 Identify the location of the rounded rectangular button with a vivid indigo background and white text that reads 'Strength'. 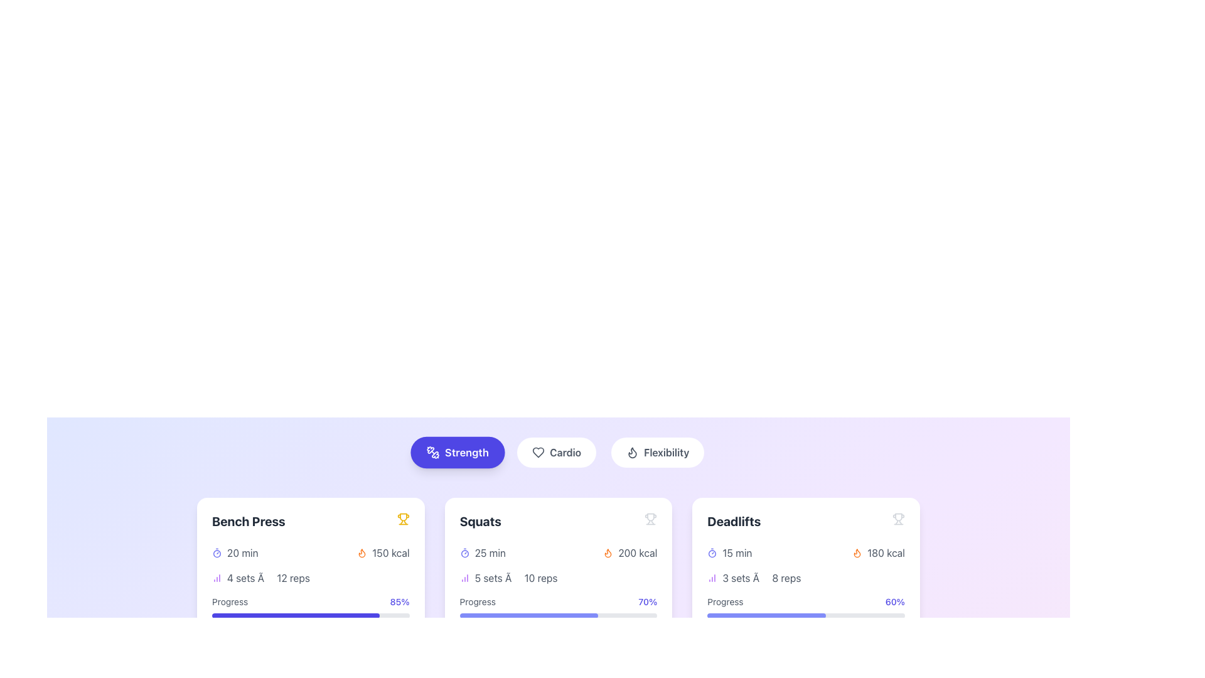
(457, 453).